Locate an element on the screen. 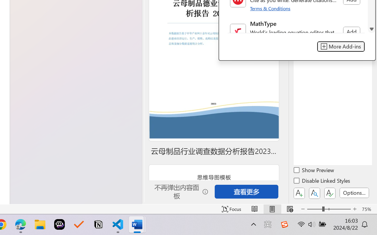 The image size is (377, 235). 'Terms & Conditions' is located at coordinates (270, 8).